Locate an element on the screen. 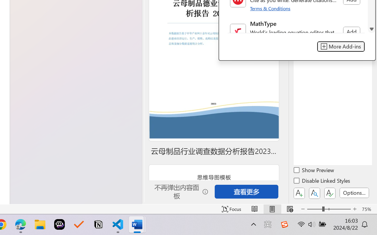 The image size is (377, 235). 'Terms & Conditions' is located at coordinates (270, 8).